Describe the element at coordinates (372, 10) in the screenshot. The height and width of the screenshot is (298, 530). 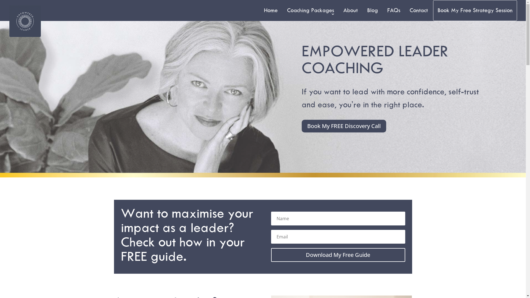
I see `'Blog'` at that location.